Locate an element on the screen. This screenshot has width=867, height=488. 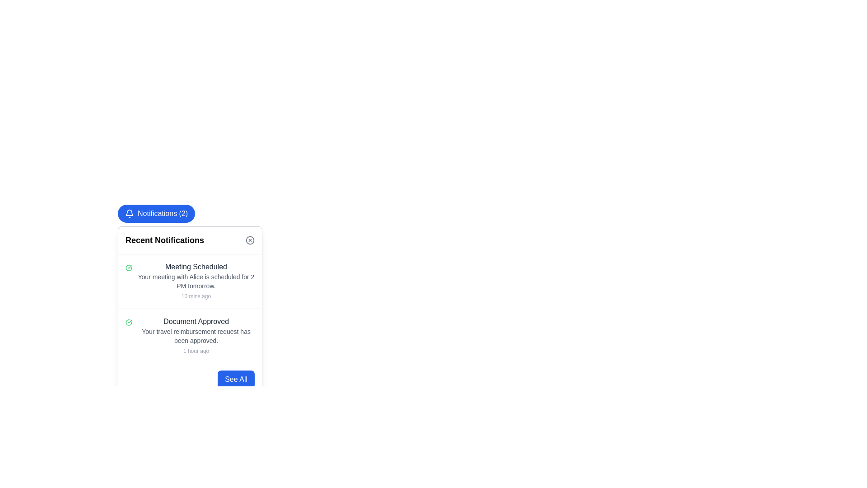
the text label that reads 'Your meeting with Alice is scheduled for 2 PM tomorrow.' located within the notification card under the heading 'Meeting Scheduled' is located at coordinates (196, 281).